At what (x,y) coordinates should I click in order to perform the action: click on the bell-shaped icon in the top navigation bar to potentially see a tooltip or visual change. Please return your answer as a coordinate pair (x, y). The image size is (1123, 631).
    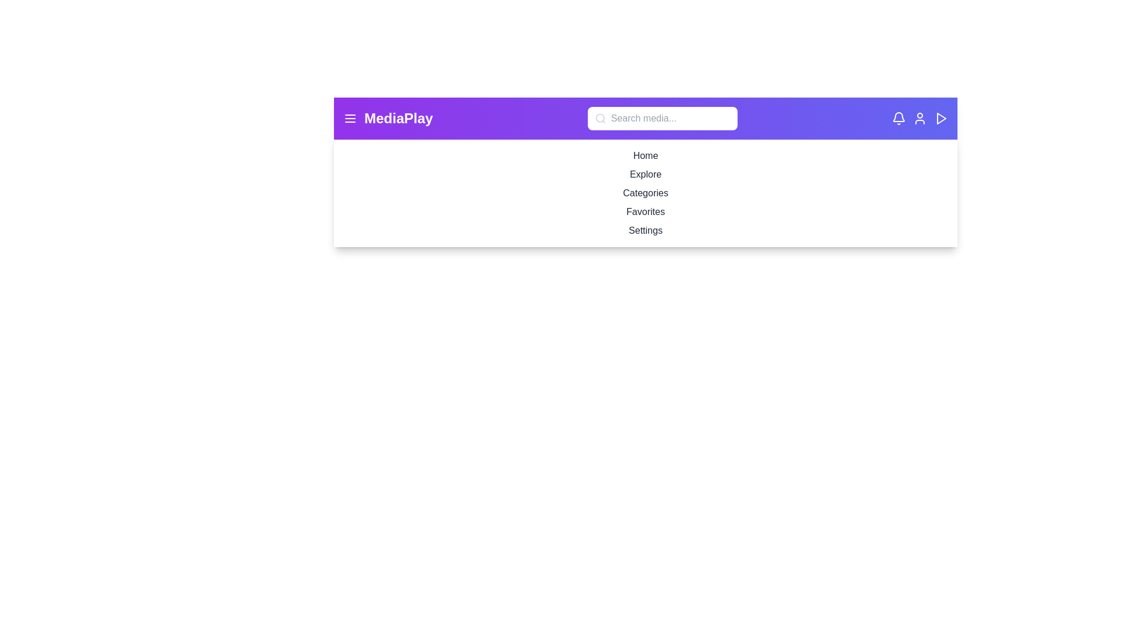
    Looking at the image, I should click on (898, 119).